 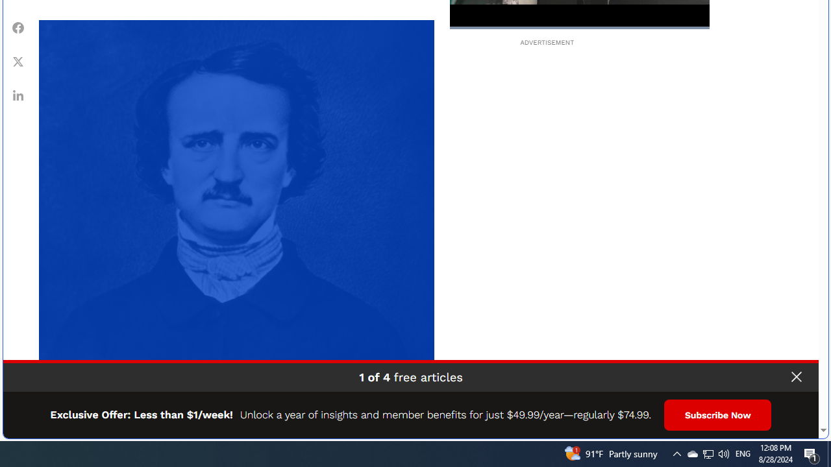 I want to click on 'Share Linkedin', so click(x=18, y=95).